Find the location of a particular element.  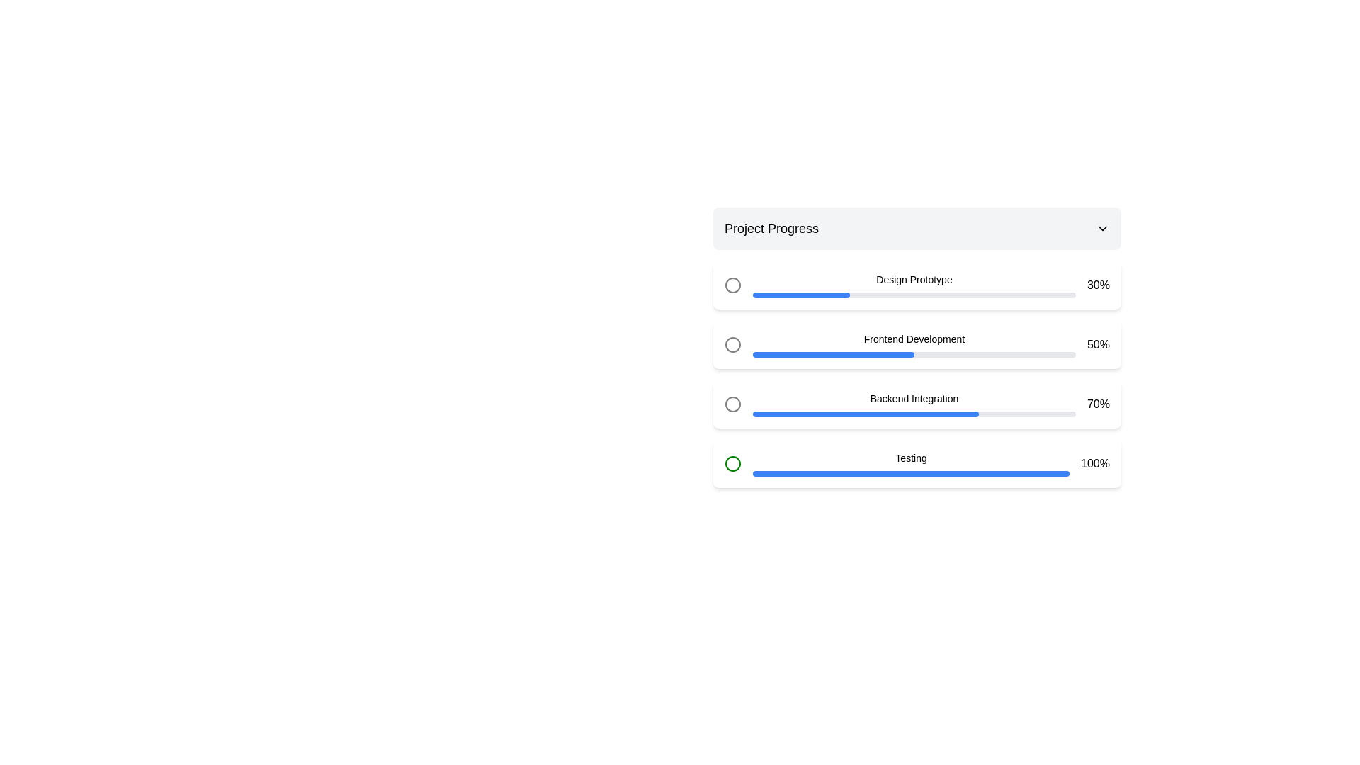

the second circular SVG element with a gray stroke color, located near the text 'Frontend Development' in the progress tracking UI is located at coordinates (733, 344).